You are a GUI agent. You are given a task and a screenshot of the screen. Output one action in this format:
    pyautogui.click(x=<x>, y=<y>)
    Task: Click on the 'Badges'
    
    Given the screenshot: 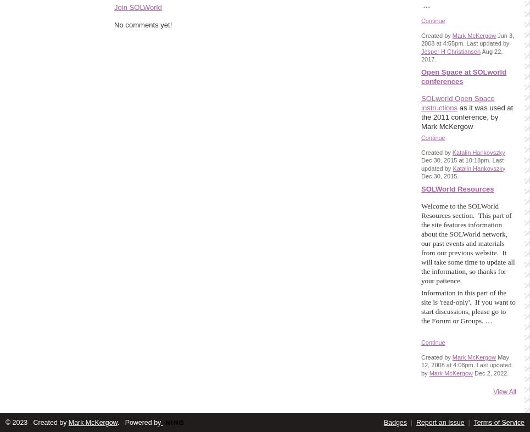 What is the action you would take?
    pyautogui.click(x=395, y=423)
    